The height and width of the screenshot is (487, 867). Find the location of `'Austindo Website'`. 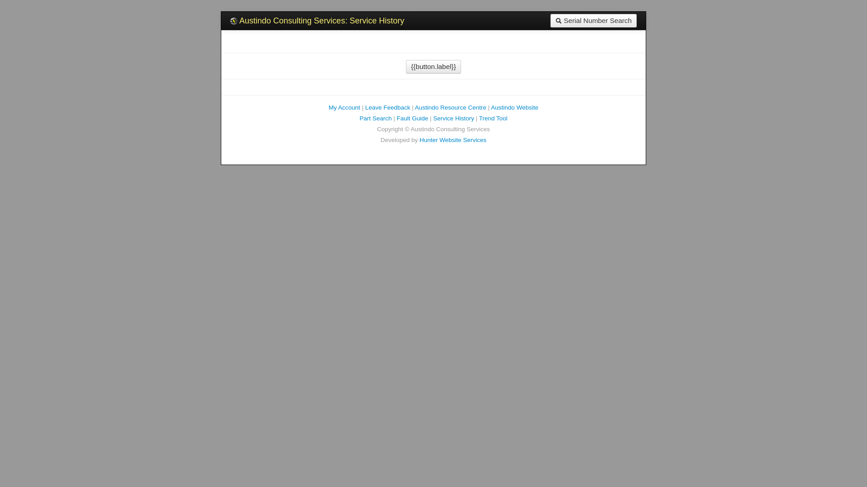

'Austindo Website' is located at coordinates (514, 107).